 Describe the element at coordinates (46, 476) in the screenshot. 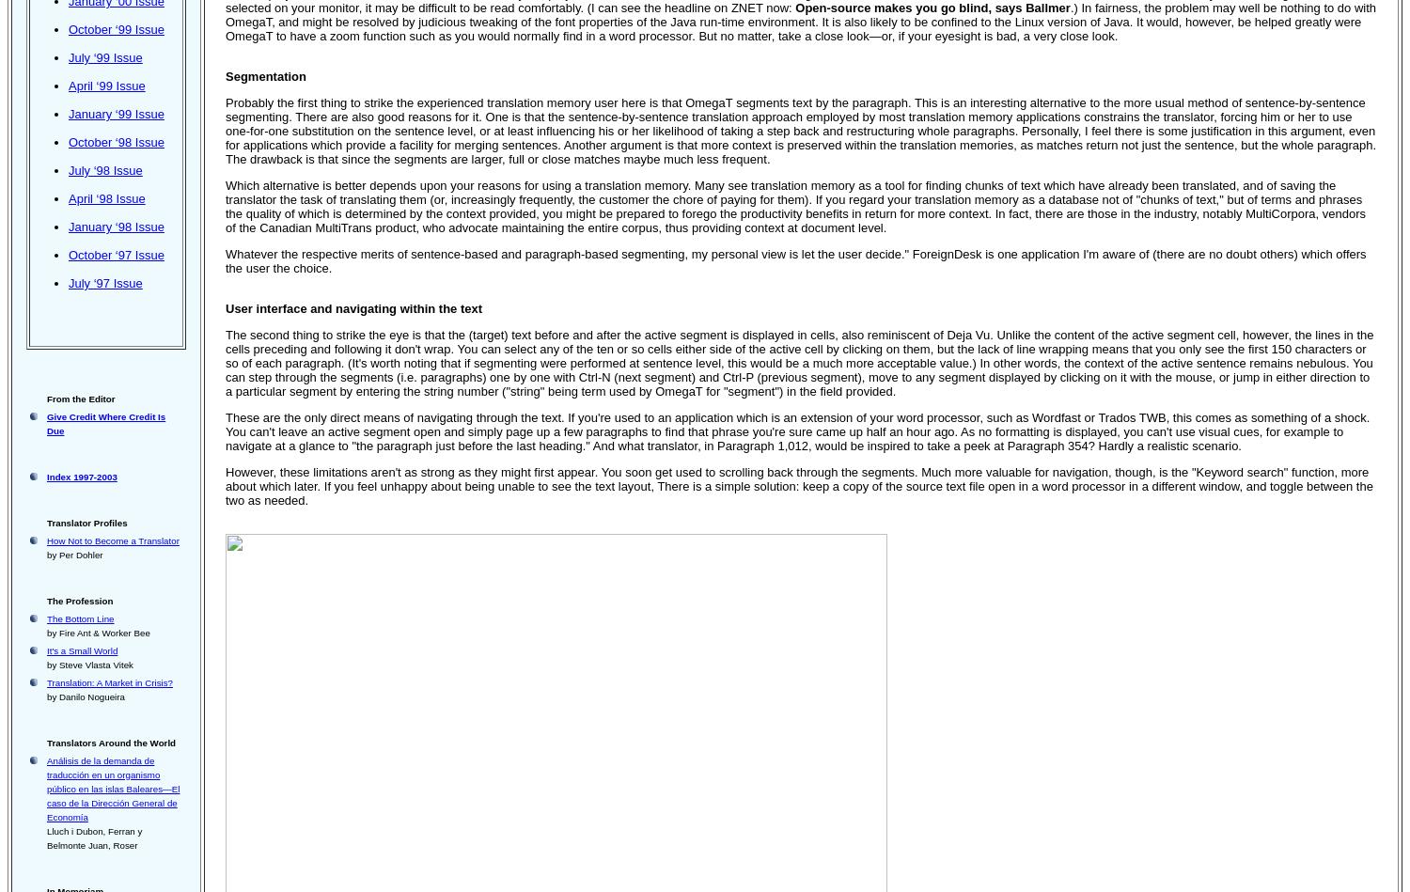

I see `'Index 1997-2003'` at that location.